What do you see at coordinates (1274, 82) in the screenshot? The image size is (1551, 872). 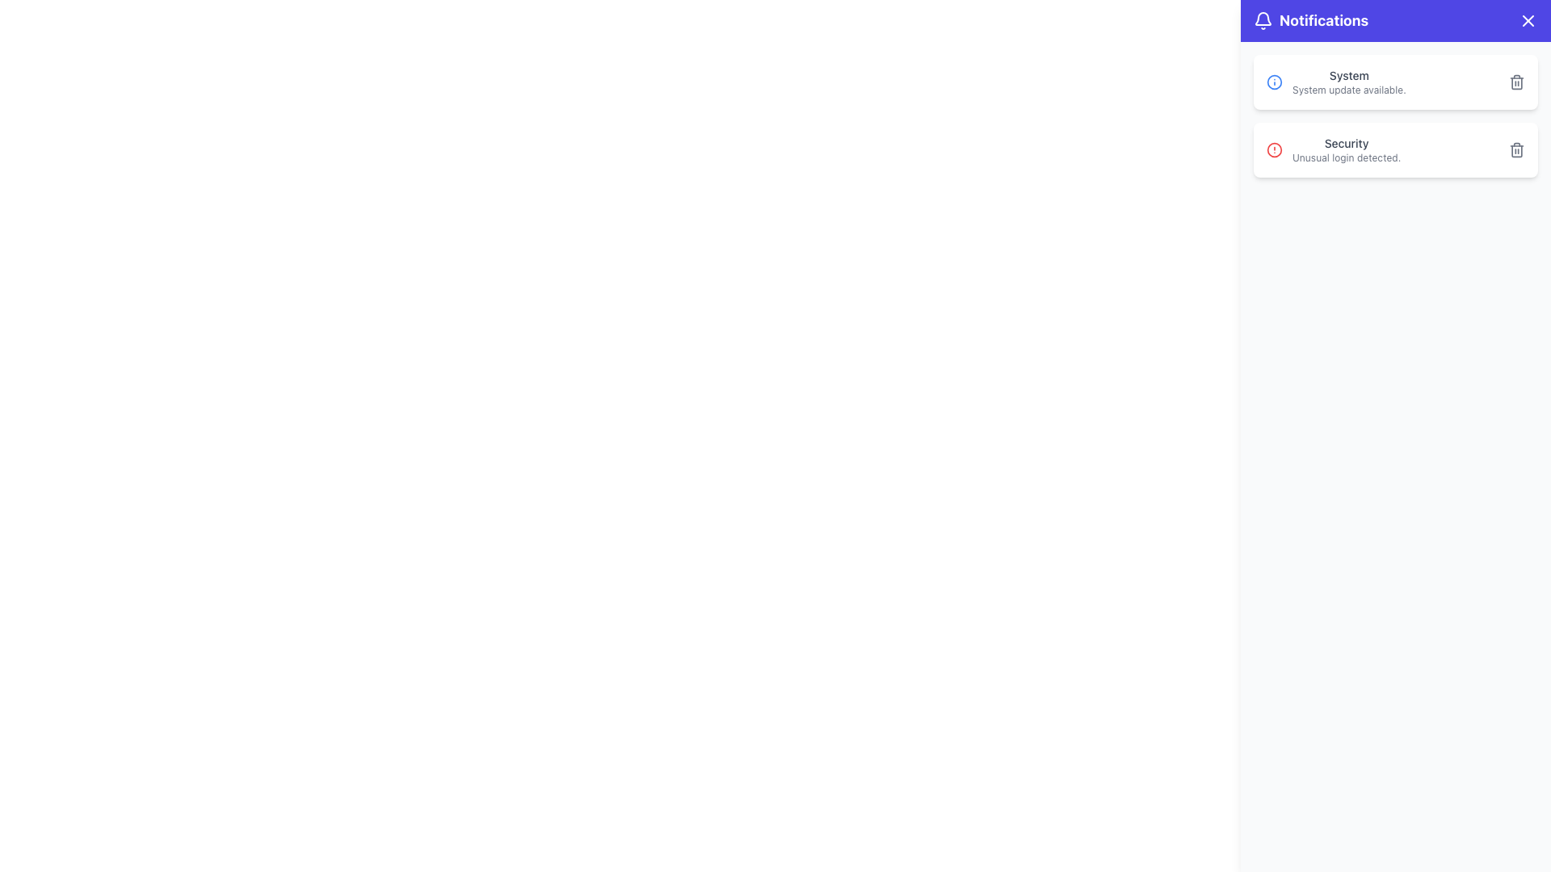 I see `the informational icon located at the top-left corner of the 'System update available.' notification to gather more information` at bounding box center [1274, 82].